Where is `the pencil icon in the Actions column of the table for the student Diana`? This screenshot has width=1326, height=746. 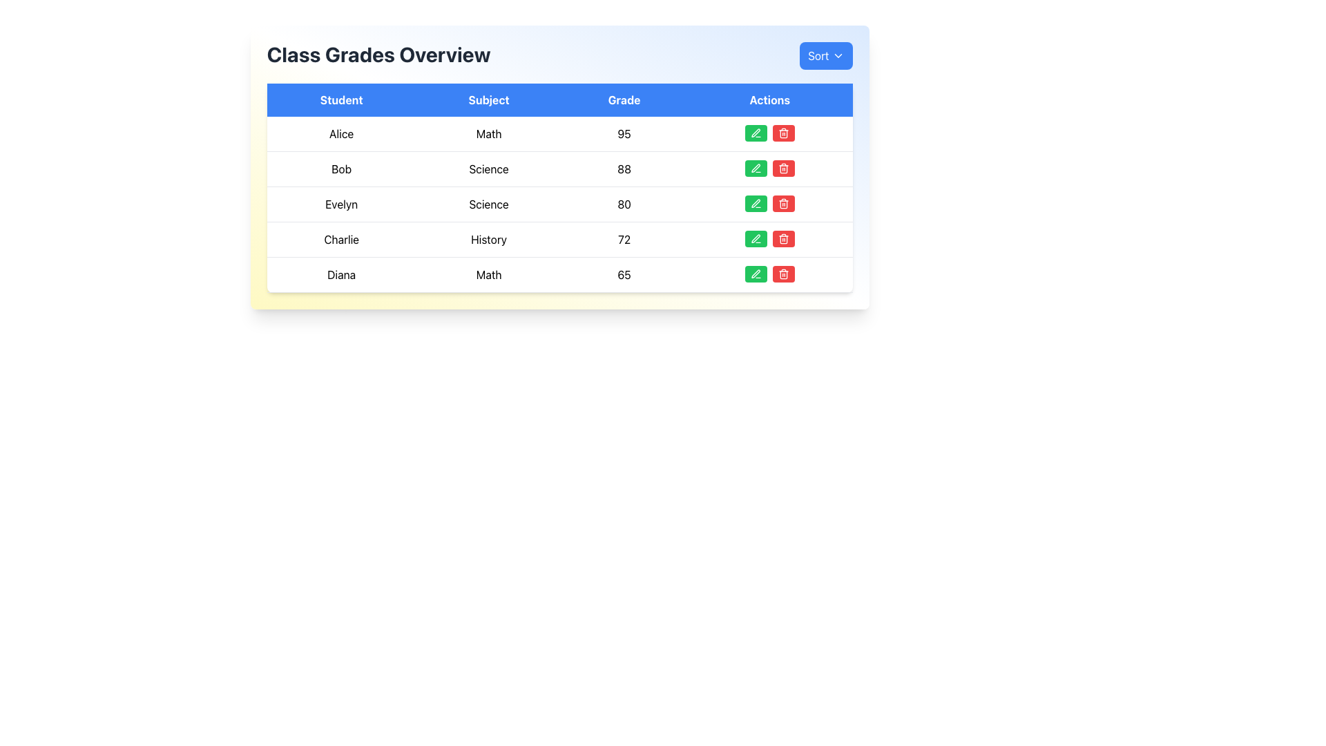
the pencil icon in the Actions column of the table for the student Diana is located at coordinates (755, 274).